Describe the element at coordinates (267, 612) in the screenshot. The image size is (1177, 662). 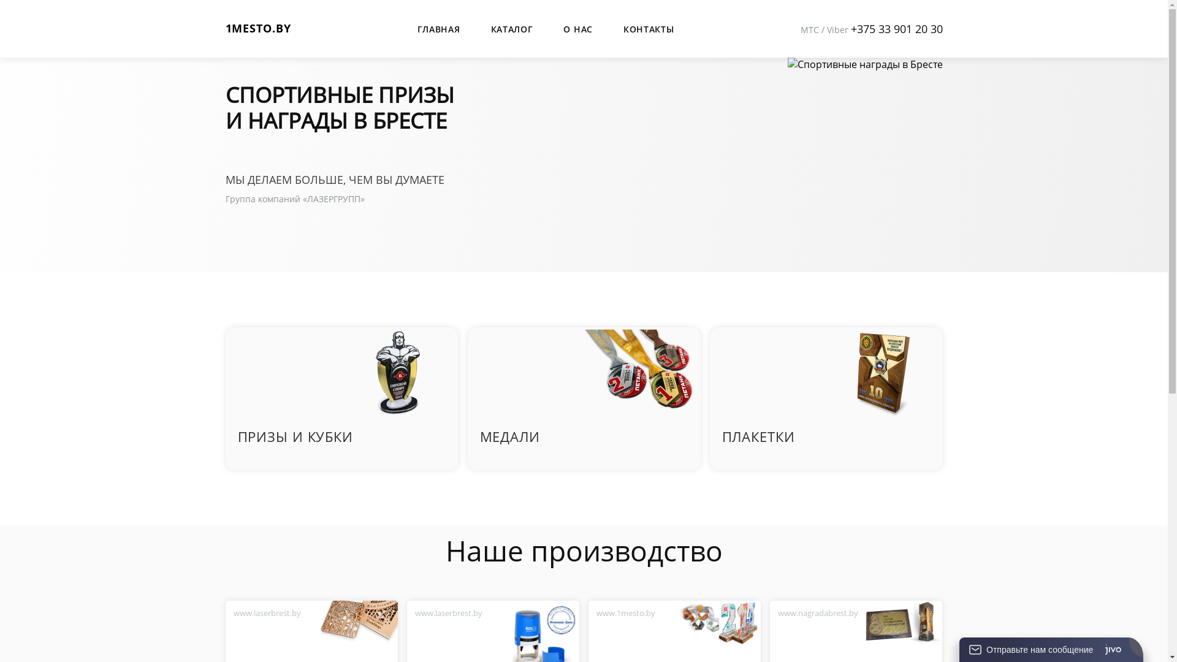
I see `'www.laserbrest.by'` at that location.